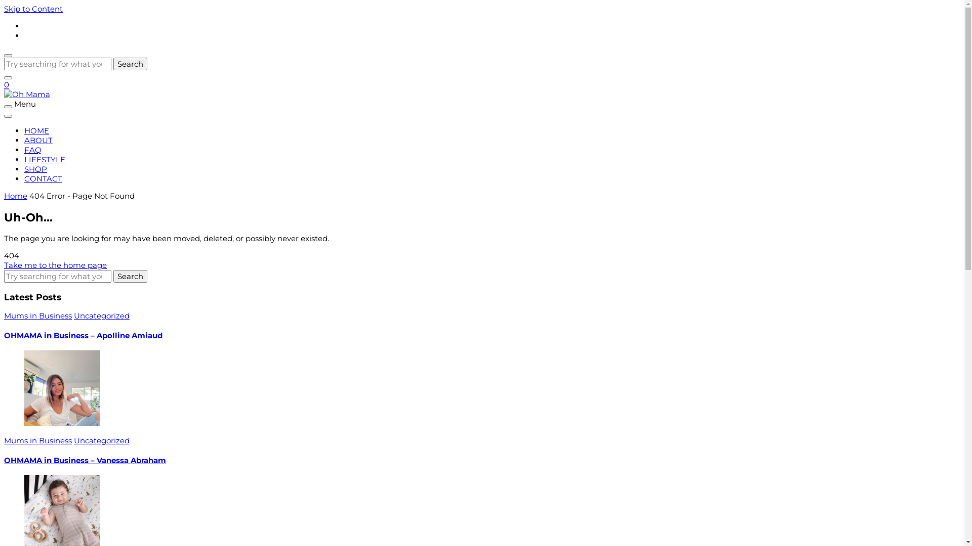 The width and height of the screenshot is (972, 546). What do you see at coordinates (4, 196) in the screenshot?
I see `'Home'` at bounding box center [4, 196].